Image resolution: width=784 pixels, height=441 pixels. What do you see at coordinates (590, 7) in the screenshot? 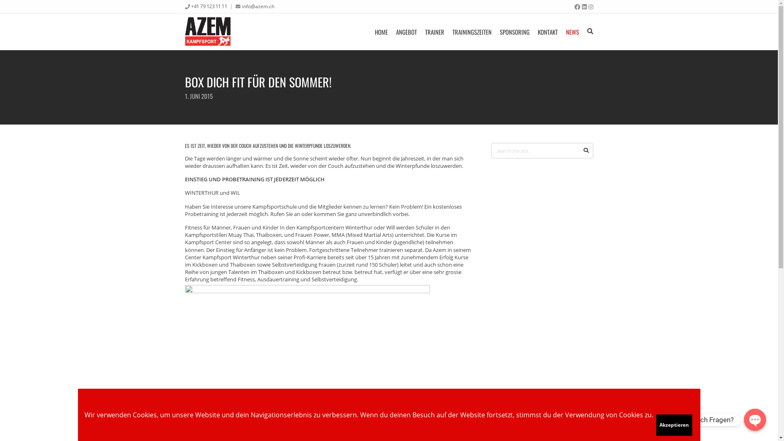
I see `'Instagram'` at bounding box center [590, 7].